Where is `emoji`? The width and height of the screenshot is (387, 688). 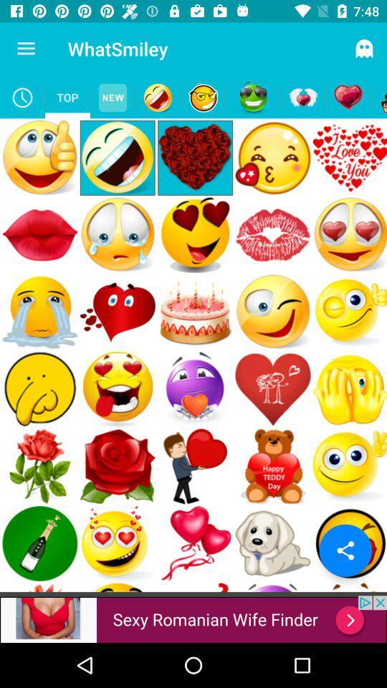
emoji is located at coordinates (157, 97).